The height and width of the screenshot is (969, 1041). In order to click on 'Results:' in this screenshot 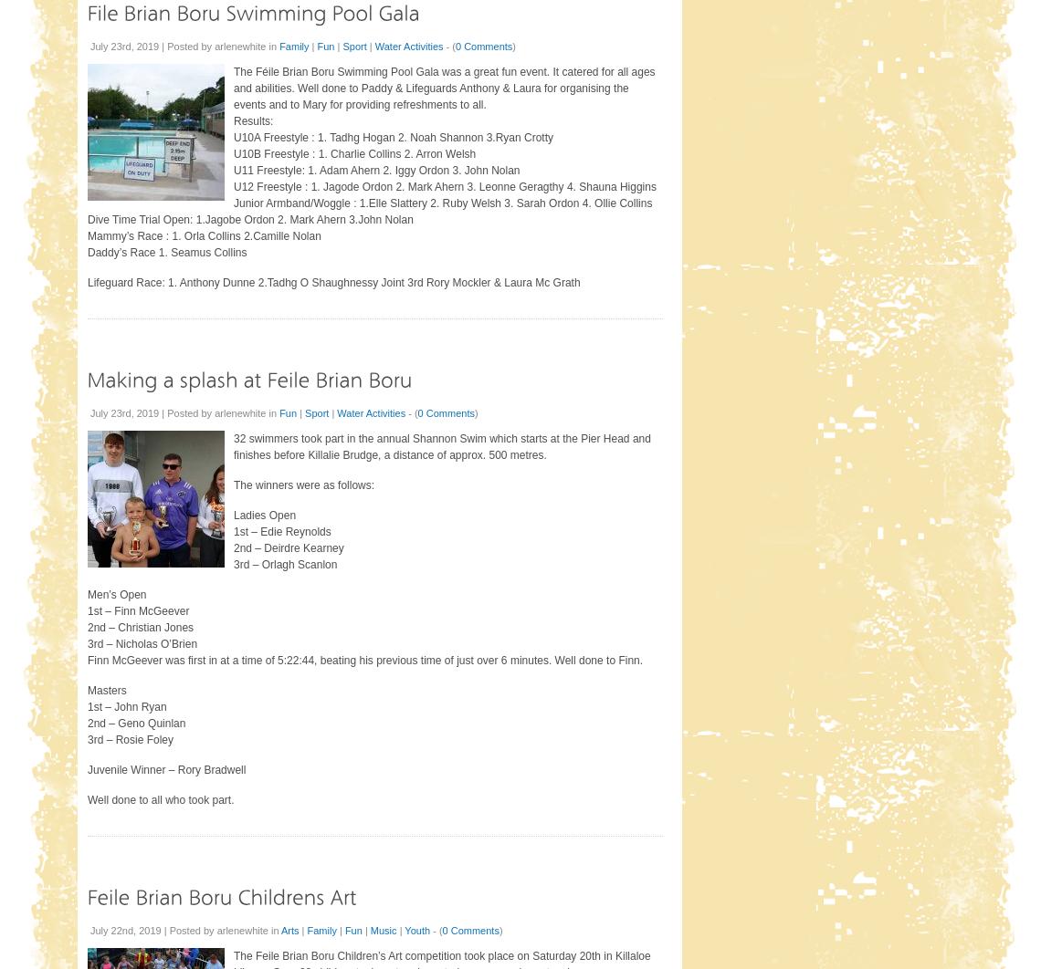, I will do `click(252, 120)`.